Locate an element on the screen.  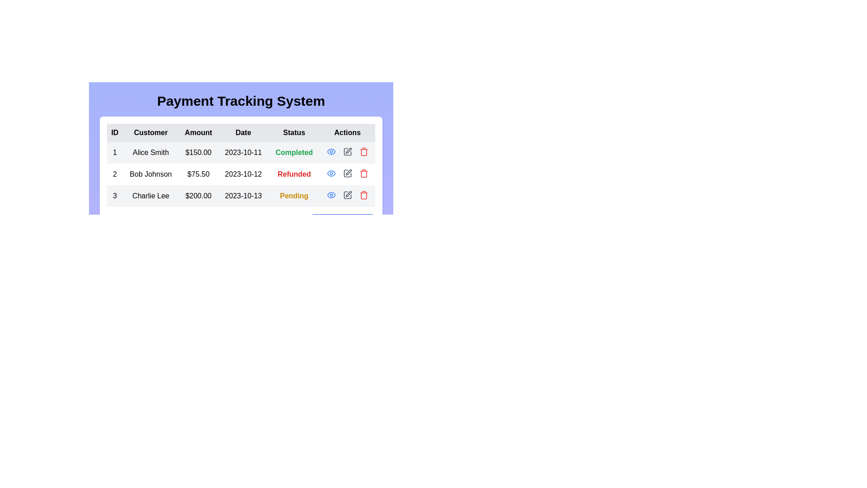
the 'Refunded' status text label in the second row of the data table for the entry 'Bob Johnson' is located at coordinates (294, 174).